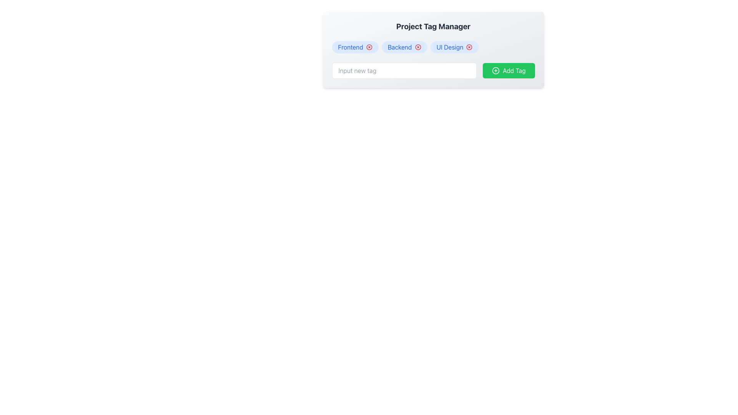 Image resolution: width=738 pixels, height=415 pixels. What do you see at coordinates (369, 47) in the screenshot?
I see `the delete button icon for the 'Frontend' tag` at bounding box center [369, 47].